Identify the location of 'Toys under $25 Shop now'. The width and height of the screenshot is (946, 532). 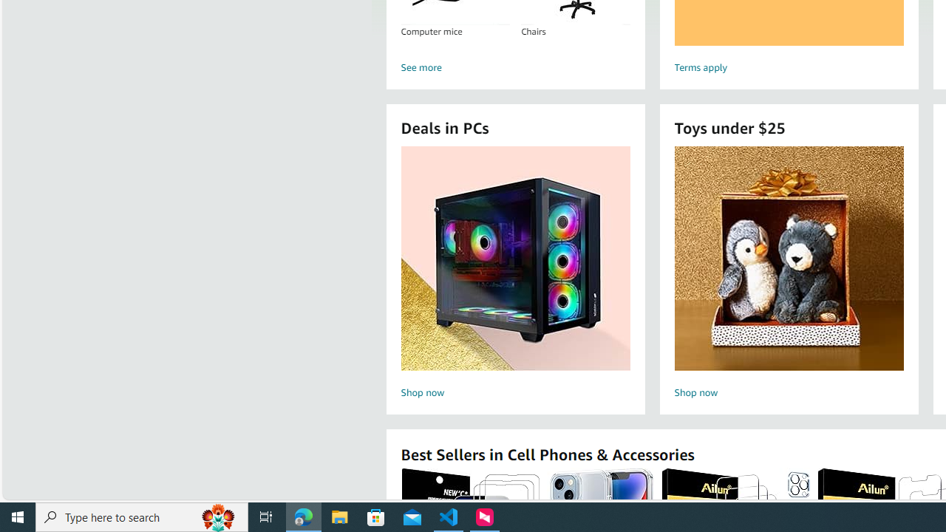
(788, 274).